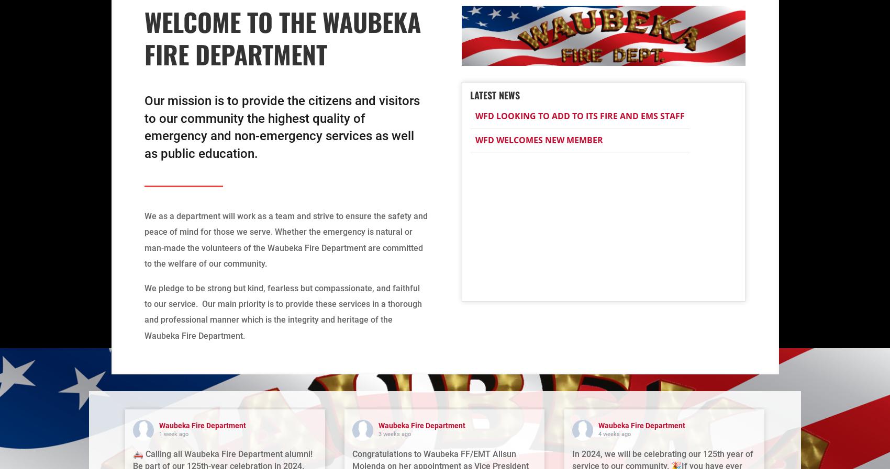 This screenshot has width=890, height=469. I want to click on 'We pledge to be strong but kind, fearless but compassionate, and faithful to our service.  Our main priority is to provide these services in a thorough and professional manner which is the integrity and heritage of the Waubeka Fire Department.', so click(282, 311).